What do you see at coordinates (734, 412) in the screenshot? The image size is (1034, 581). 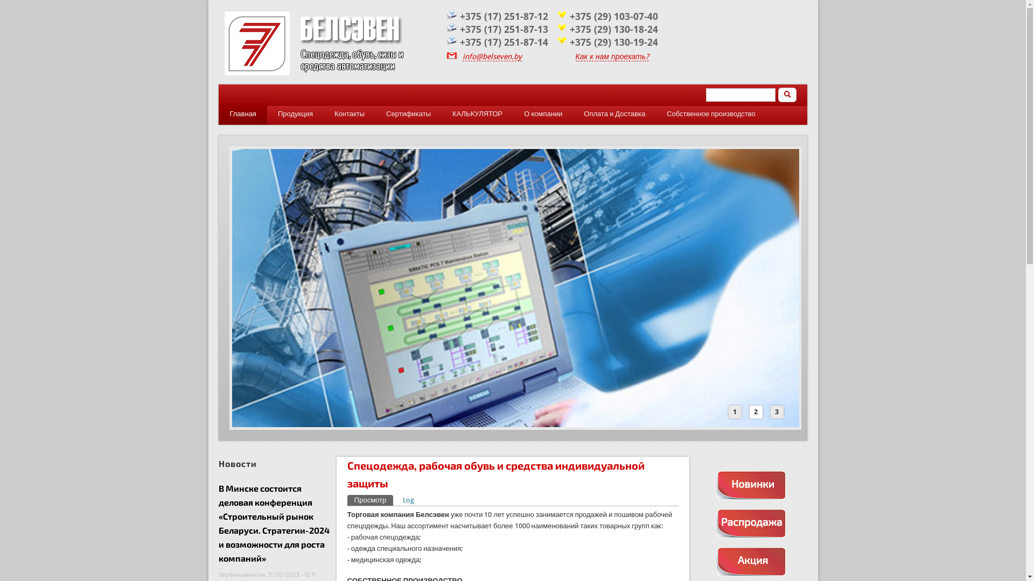 I see `'1'` at bounding box center [734, 412].